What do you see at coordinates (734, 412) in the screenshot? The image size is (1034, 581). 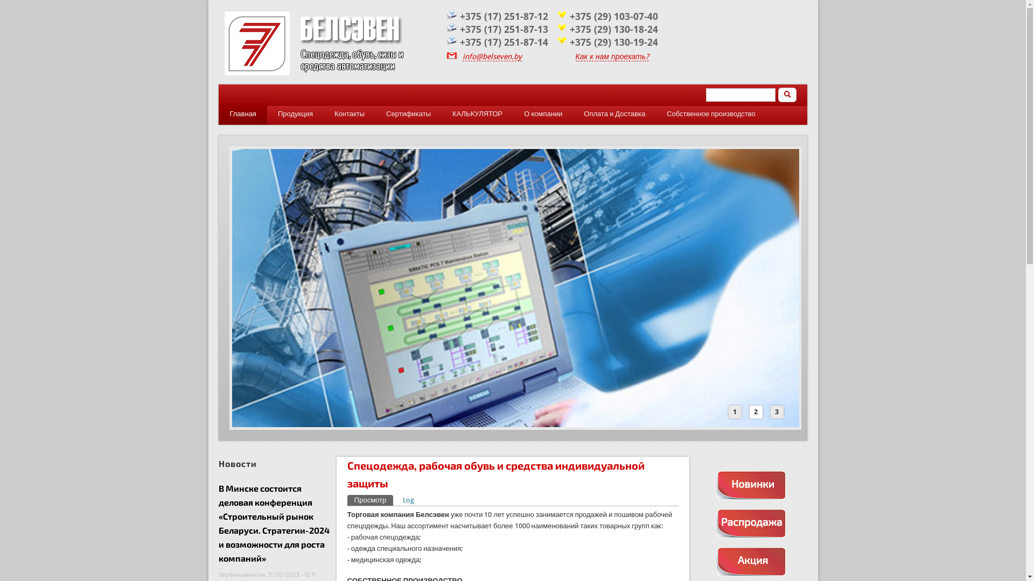 I see `'1'` at bounding box center [734, 412].